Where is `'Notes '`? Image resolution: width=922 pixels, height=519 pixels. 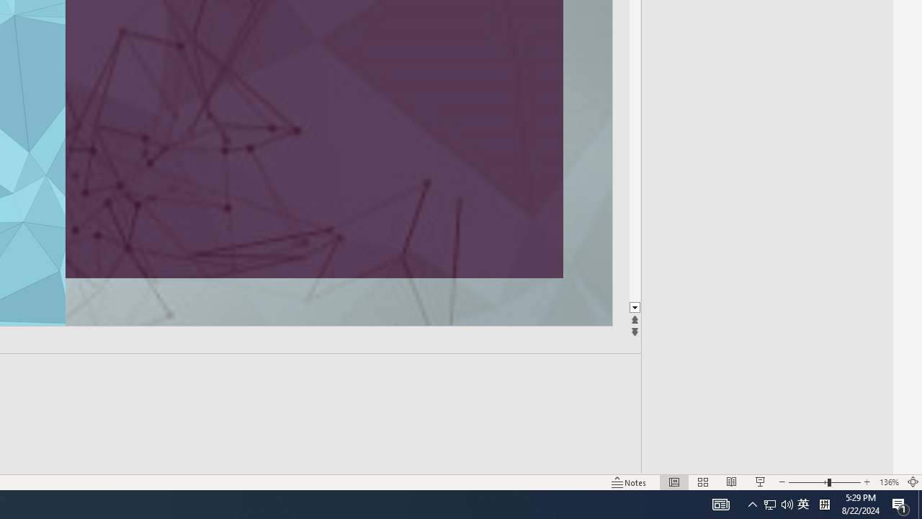 'Notes ' is located at coordinates (630, 482).